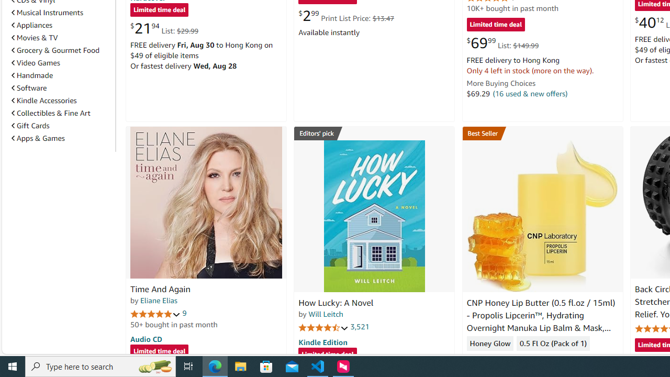  What do you see at coordinates (346, 16) in the screenshot?
I see `'$2.99 Print List Price: $13.47'` at bounding box center [346, 16].